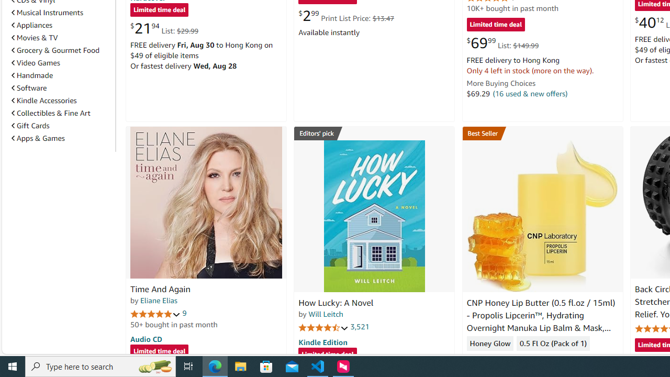  What do you see at coordinates (346, 16) in the screenshot?
I see `'$2.99 Print List Price: $13.47'` at bounding box center [346, 16].